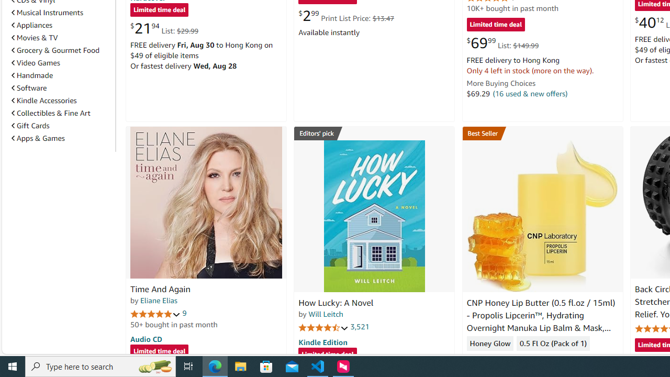  What do you see at coordinates (346, 16) in the screenshot?
I see `'$2.99 Print List Price: $13.47'` at bounding box center [346, 16].